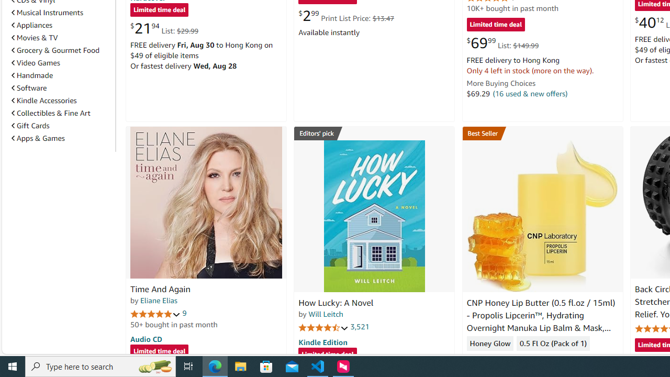  What do you see at coordinates (346, 16) in the screenshot?
I see `'$2.99 Print List Price: $13.47'` at bounding box center [346, 16].